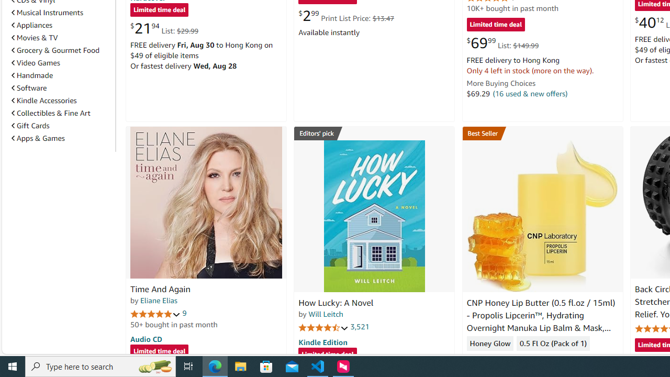  What do you see at coordinates (346, 16) in the screenshot?
I see `'$2.99 Print List Price: $13.47'` at bounding box center [346, 16].